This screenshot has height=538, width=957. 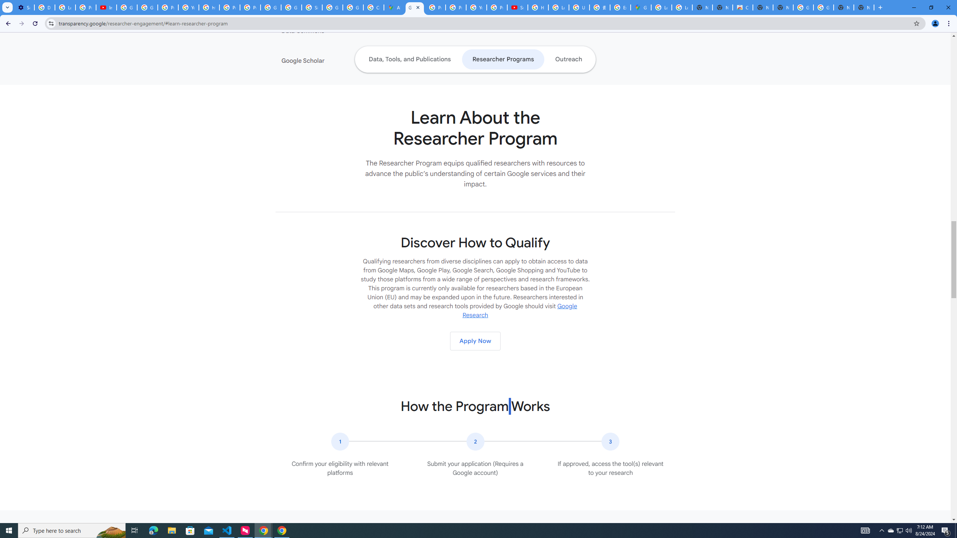 I want to click on 'Privacy Help Center - Policies Help', so click(x=435, y=7).